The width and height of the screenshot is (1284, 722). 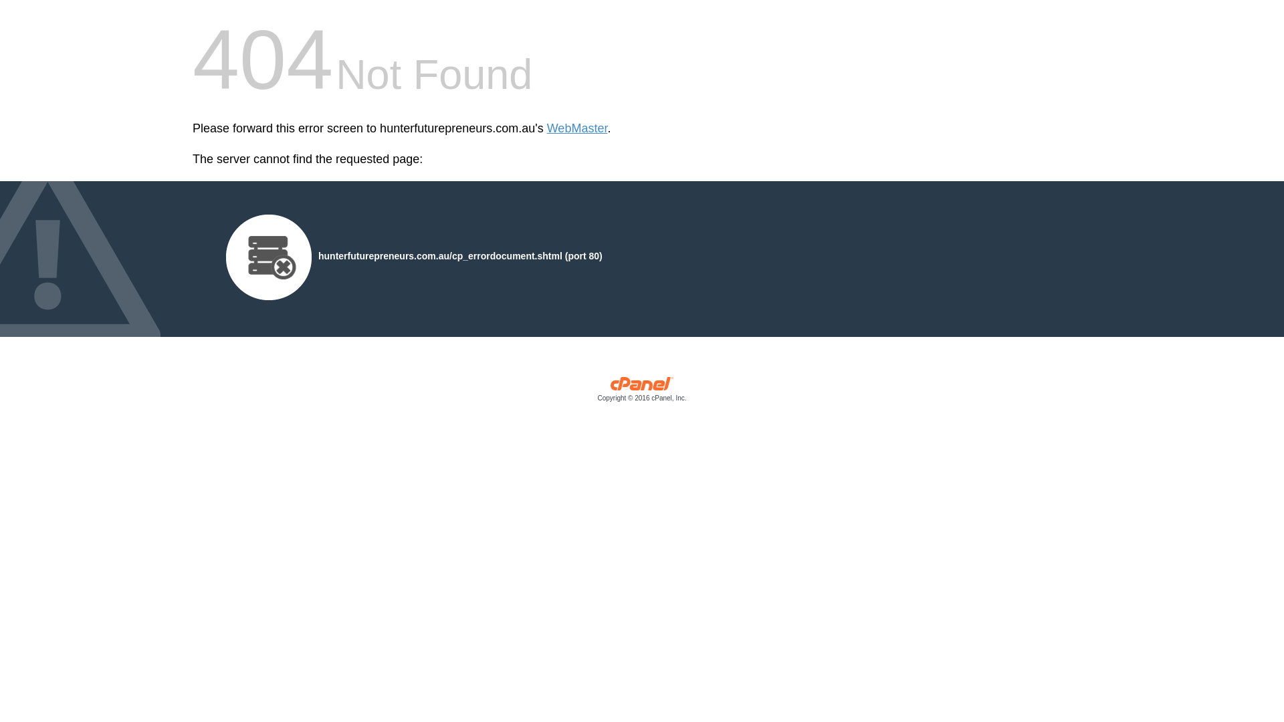 I want to click on 'WebMaster', so click(x=577, y=128).